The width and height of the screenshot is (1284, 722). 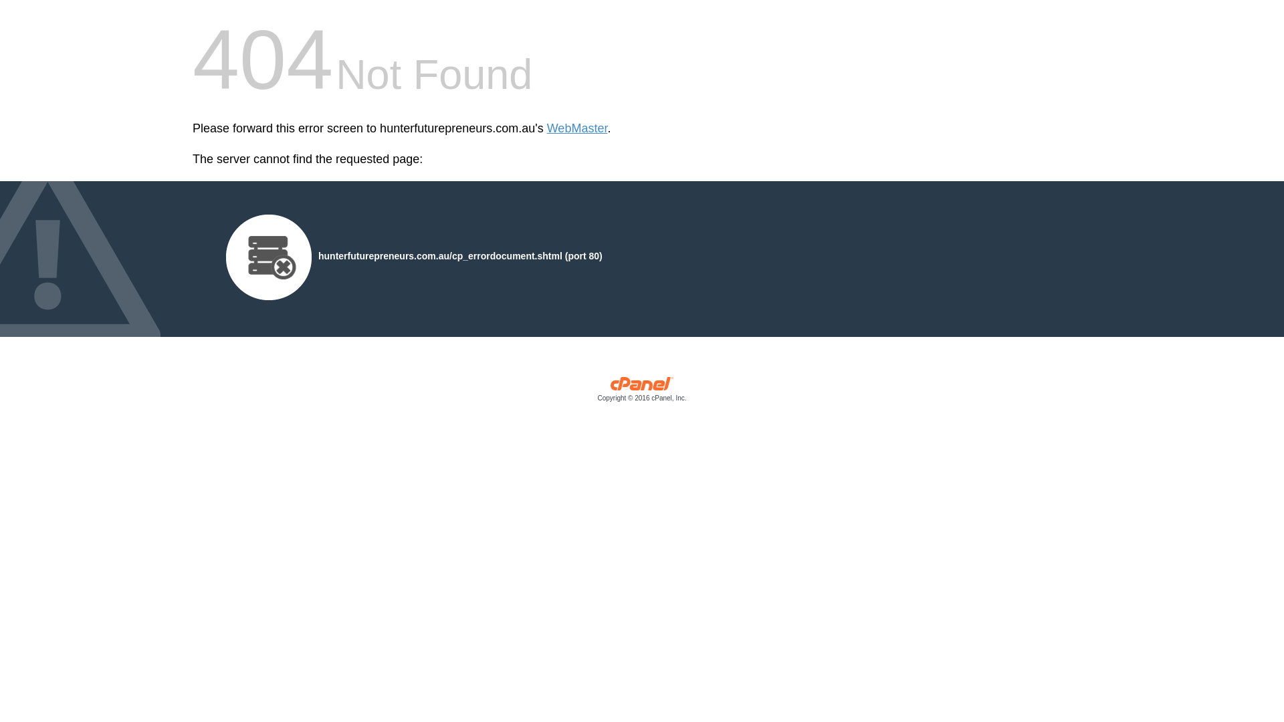 I want to click on 'WebMaster', so click(x=577, y=128).